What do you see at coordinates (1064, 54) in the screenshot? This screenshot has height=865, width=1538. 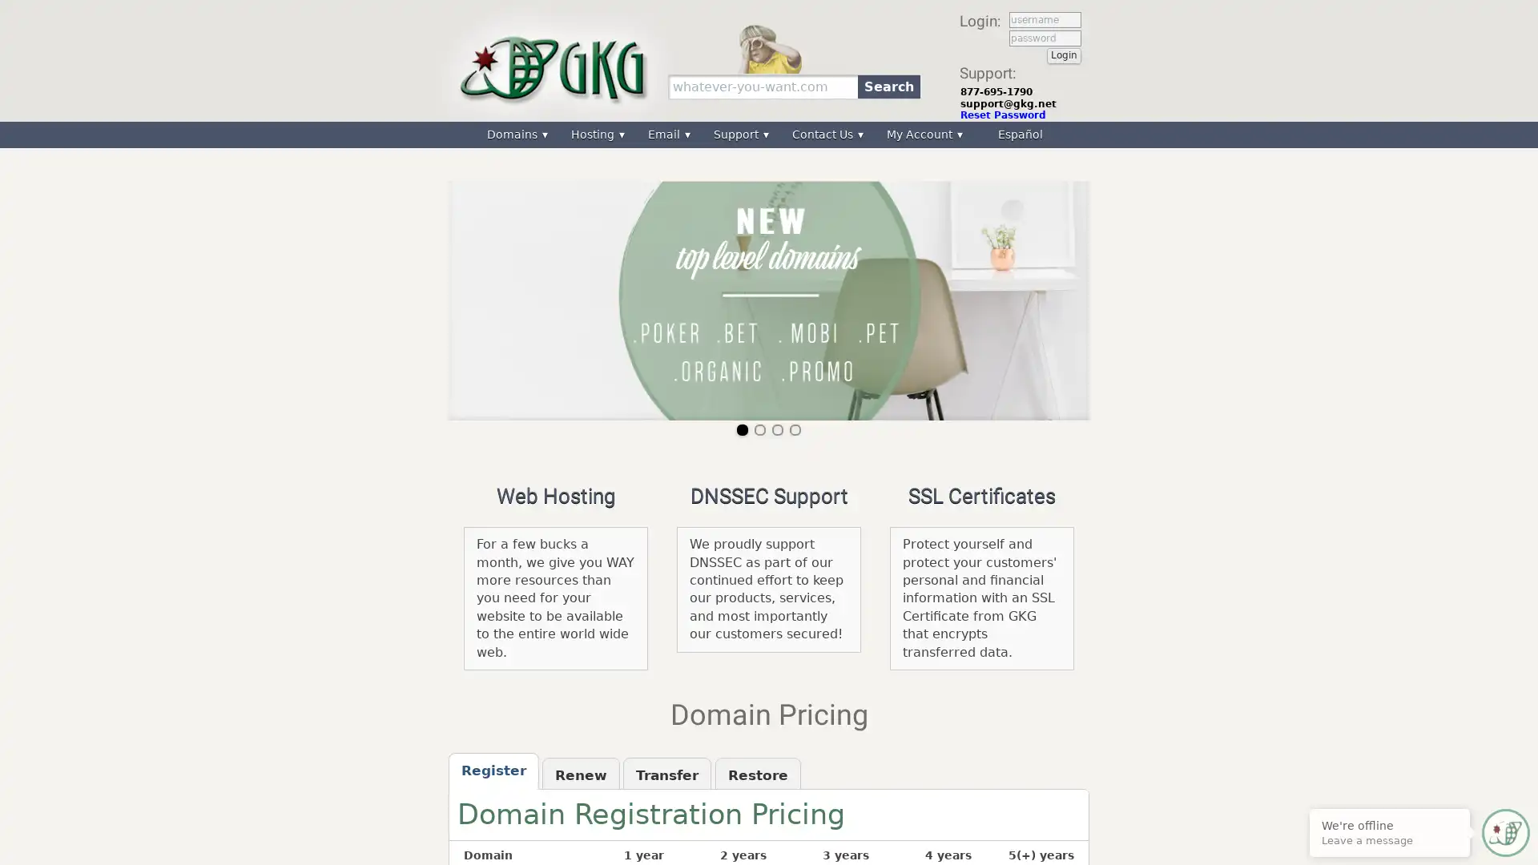 I see `Login` at bounding box center [1064, 54].